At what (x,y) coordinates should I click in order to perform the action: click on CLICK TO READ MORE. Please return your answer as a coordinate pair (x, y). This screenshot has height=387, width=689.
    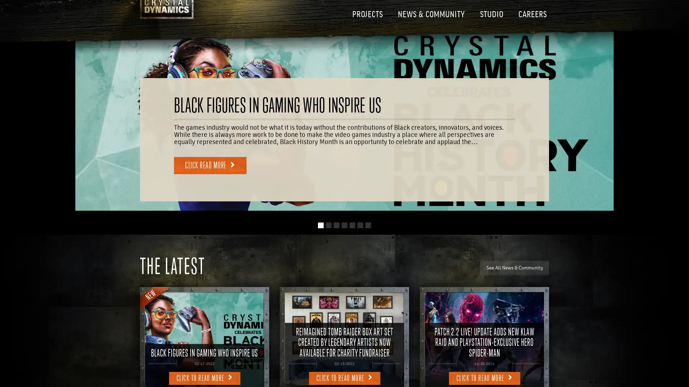
    Looking at the image, I should click on (344, 378).